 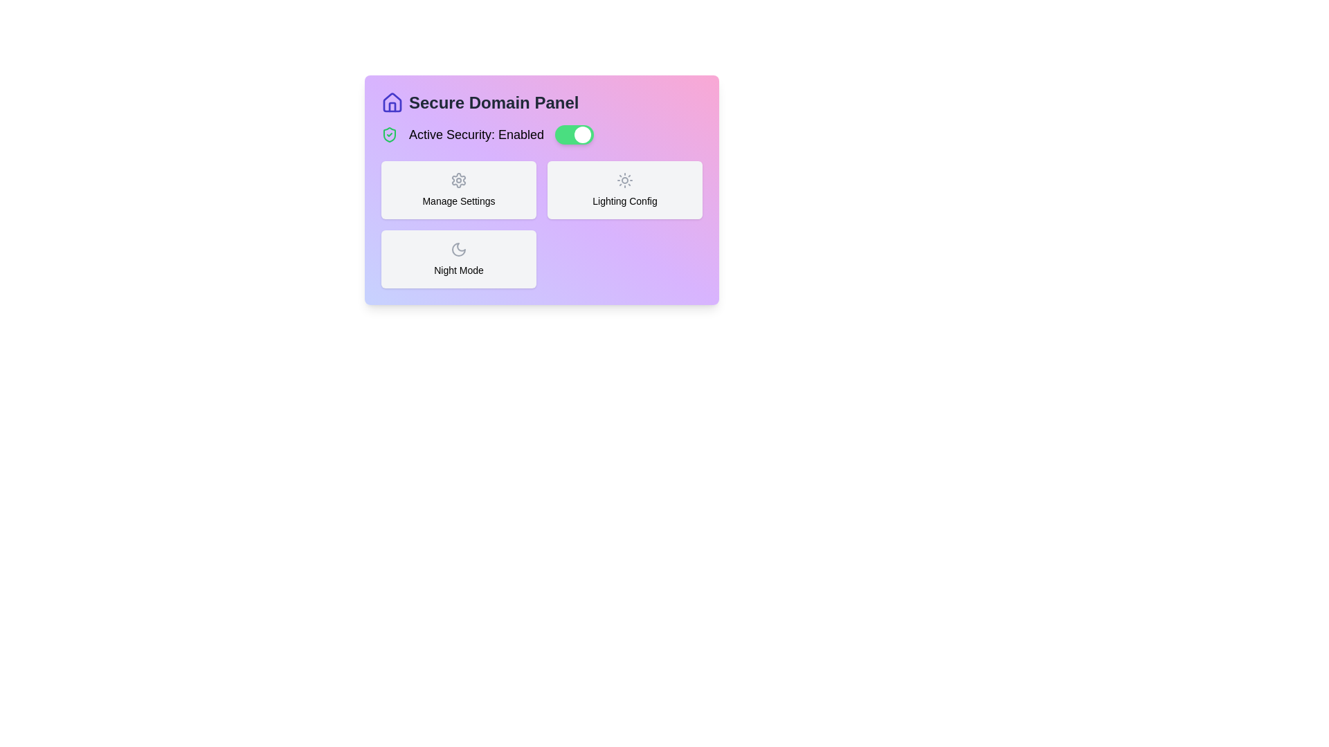 What do you see at coordinates (575, 135) in the screenshot?
I see `the toggle switch with a green background and a white circular knob, which is located to the right of the text 'Active Security: Enabled'` at bounding box center [575, 135].